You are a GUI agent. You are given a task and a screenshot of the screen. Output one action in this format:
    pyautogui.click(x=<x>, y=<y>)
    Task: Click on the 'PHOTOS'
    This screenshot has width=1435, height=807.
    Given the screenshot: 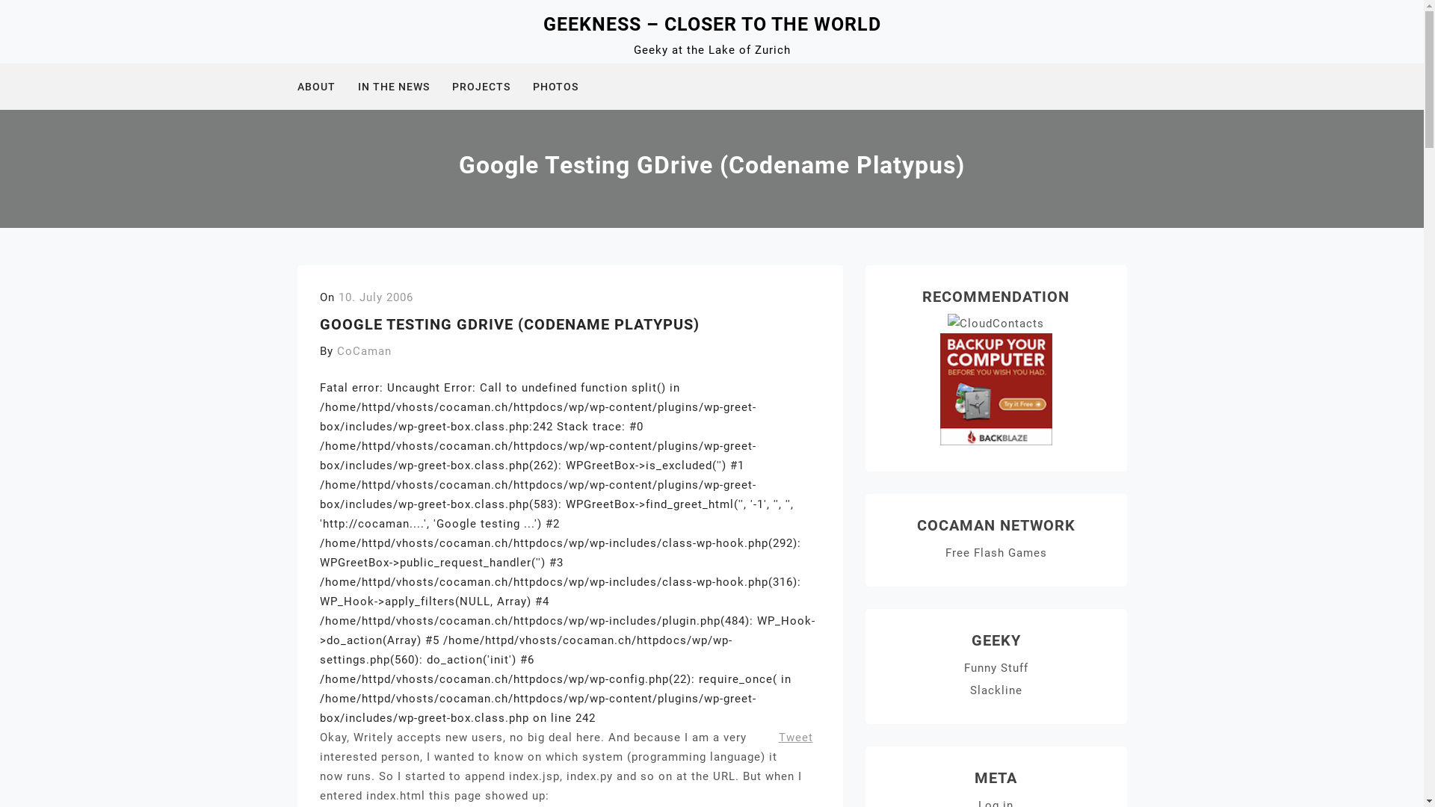 What is the action you would take?
    pyautogui.click(x=563, y=86)
    